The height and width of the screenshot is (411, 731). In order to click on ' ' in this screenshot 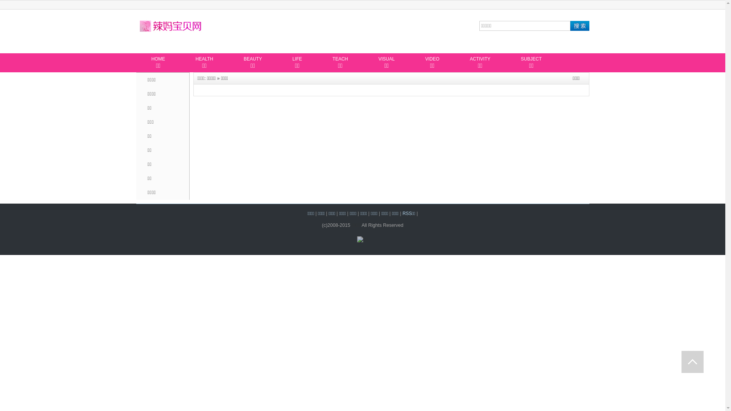, I will do `click(693, 362)`.